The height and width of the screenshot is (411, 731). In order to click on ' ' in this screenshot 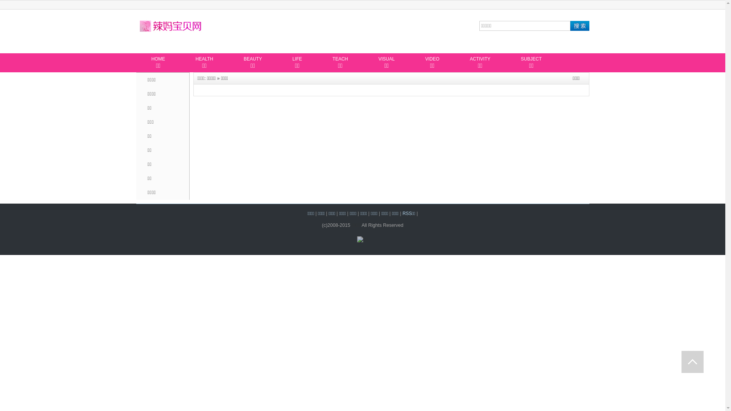, I will do `click(693, 362)`.